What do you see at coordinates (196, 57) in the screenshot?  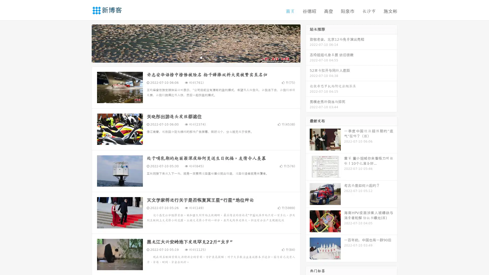 I see `Go to slide 2` at bounding box center [196, 57].